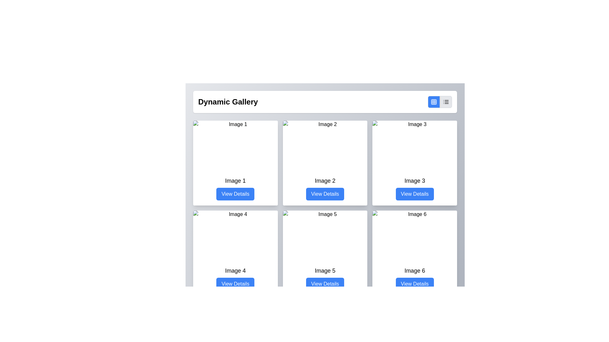 The width and height of the screenshot is (609, 342). Describe the element at coordinates (235, 194) in the screenshot. I see `the button associated with 'Image 1' to trigger hover effects` at that location.